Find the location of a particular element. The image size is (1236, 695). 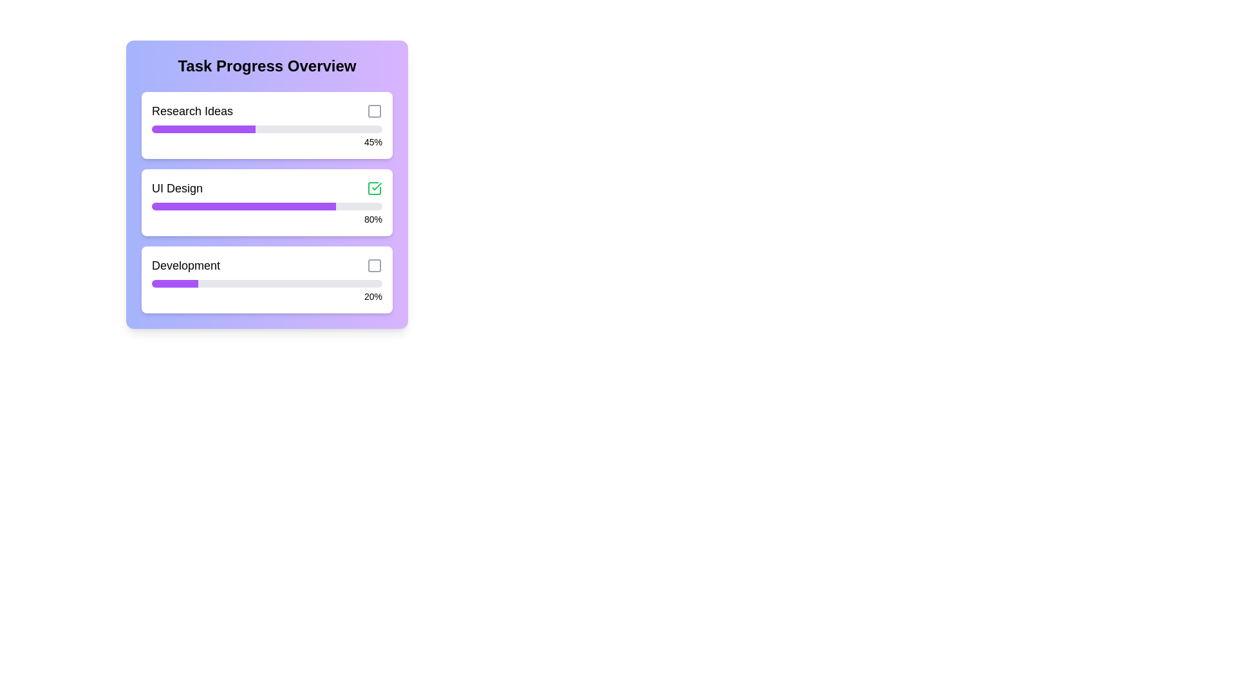

the progress bar completion is located at coordinates (317, 205).